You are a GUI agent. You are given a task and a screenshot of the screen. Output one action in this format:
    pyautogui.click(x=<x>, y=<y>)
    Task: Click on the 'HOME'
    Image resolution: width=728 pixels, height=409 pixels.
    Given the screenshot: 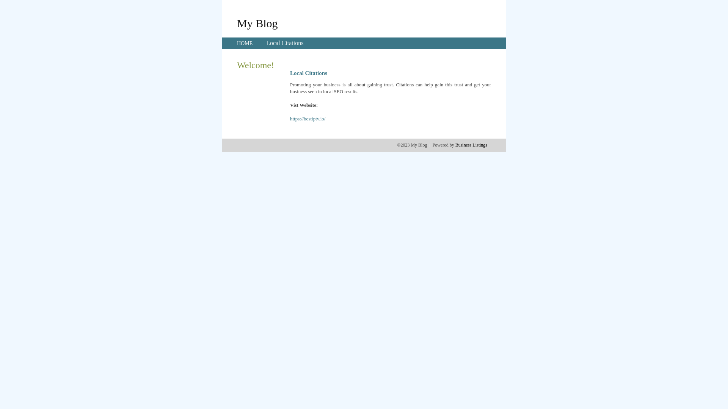 What is the action you would take?
    pyautogui.click(x=236, y=43)
    